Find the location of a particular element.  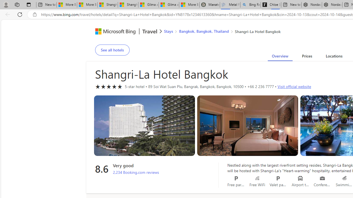

'Bangkok, Bangkok, Thailand' is located at coordinates (204, 31).